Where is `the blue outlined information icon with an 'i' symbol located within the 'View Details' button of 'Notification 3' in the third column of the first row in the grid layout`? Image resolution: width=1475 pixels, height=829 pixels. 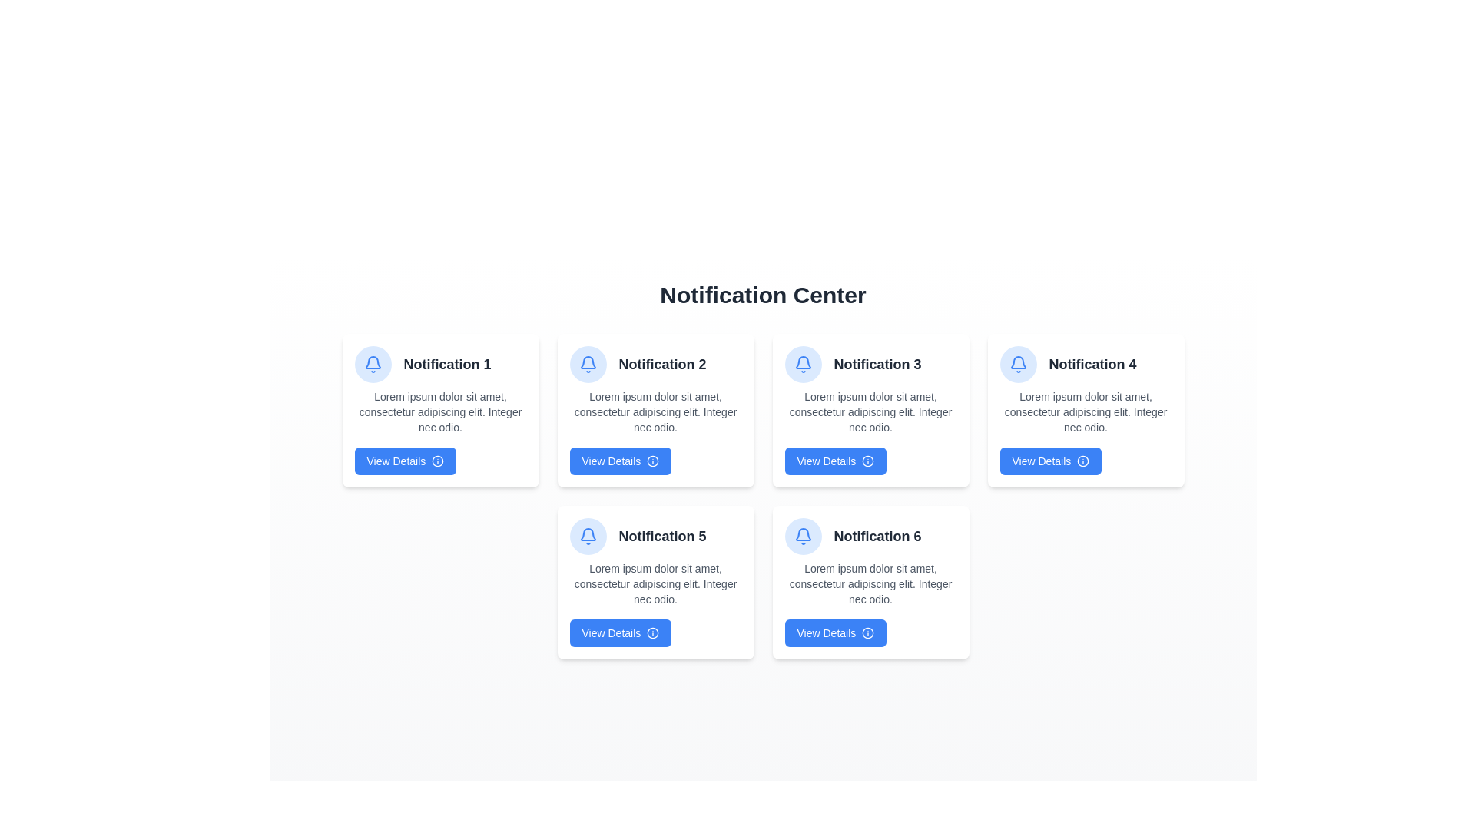 the blue outlined information icon with an 'i' symbol located within the 'View Details' button of 'Notification 3' in the third column of the first row in the grid layout is located at coordinates (867, 461).